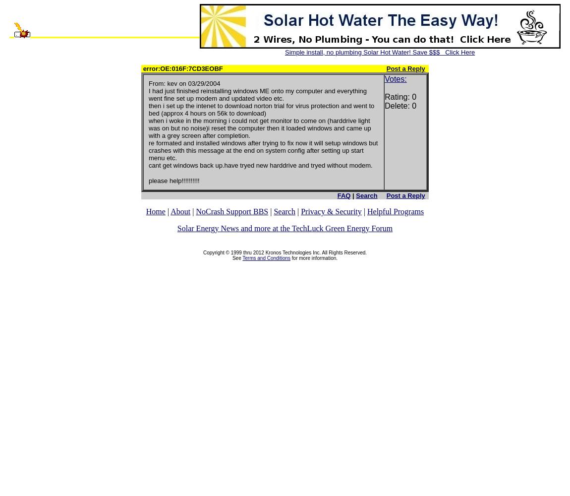 The width and height of the screenshot is (570, 496). I want to click on 'when i woke in the morning i could not get monitor to come on (harddrive light was on but no noise)i reset the computer then it loaded windows and came up with a grey screen after completion.', so click(260, 128).